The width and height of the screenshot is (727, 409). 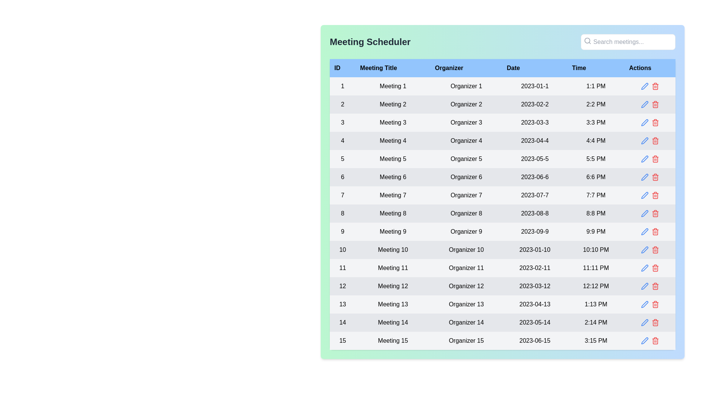 What do you see at coordinates (370, 42) in the screenshot?
I see `the bold and large 'Meeting Scheduler' static text label located in the top-left section of the interface` at bounding box center [370, 42].